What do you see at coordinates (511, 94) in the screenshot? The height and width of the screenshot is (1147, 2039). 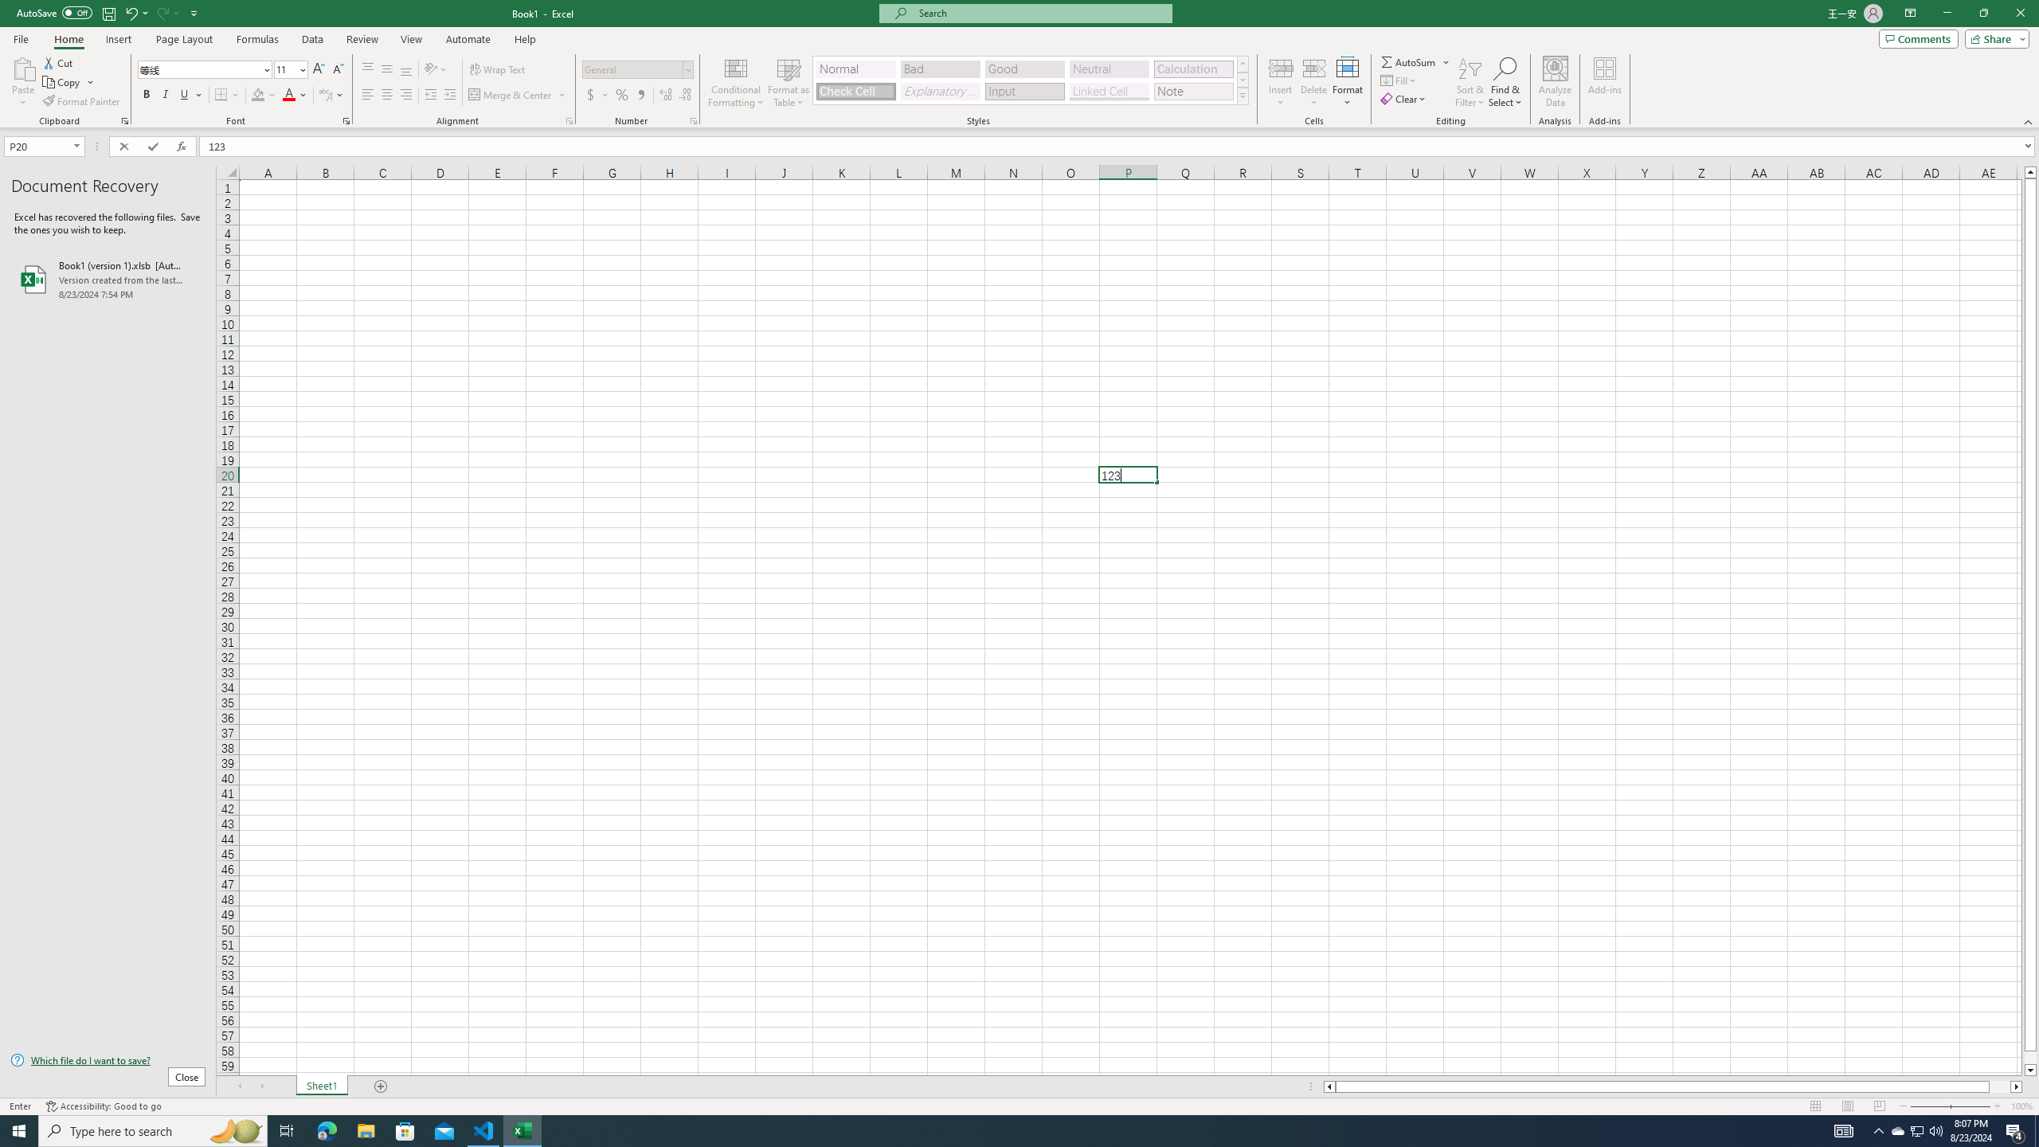 I see `'Merge & Center'` at bounding box center [511, 94].